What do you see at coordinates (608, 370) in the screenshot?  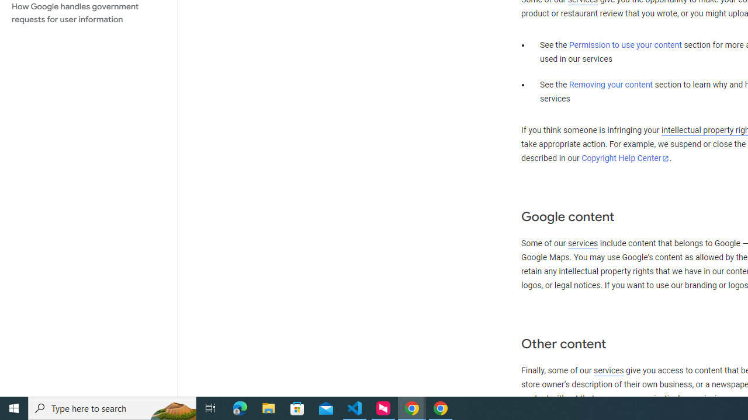 I see `'services'` at bounding box center [608, 370].